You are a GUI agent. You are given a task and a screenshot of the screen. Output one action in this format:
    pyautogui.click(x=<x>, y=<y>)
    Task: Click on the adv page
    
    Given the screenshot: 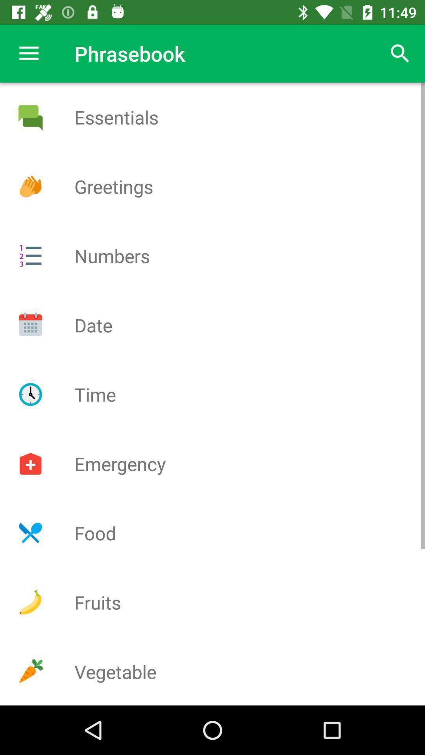 What is the action you would take?
    pyautogui.click(x=30, y=533)
    